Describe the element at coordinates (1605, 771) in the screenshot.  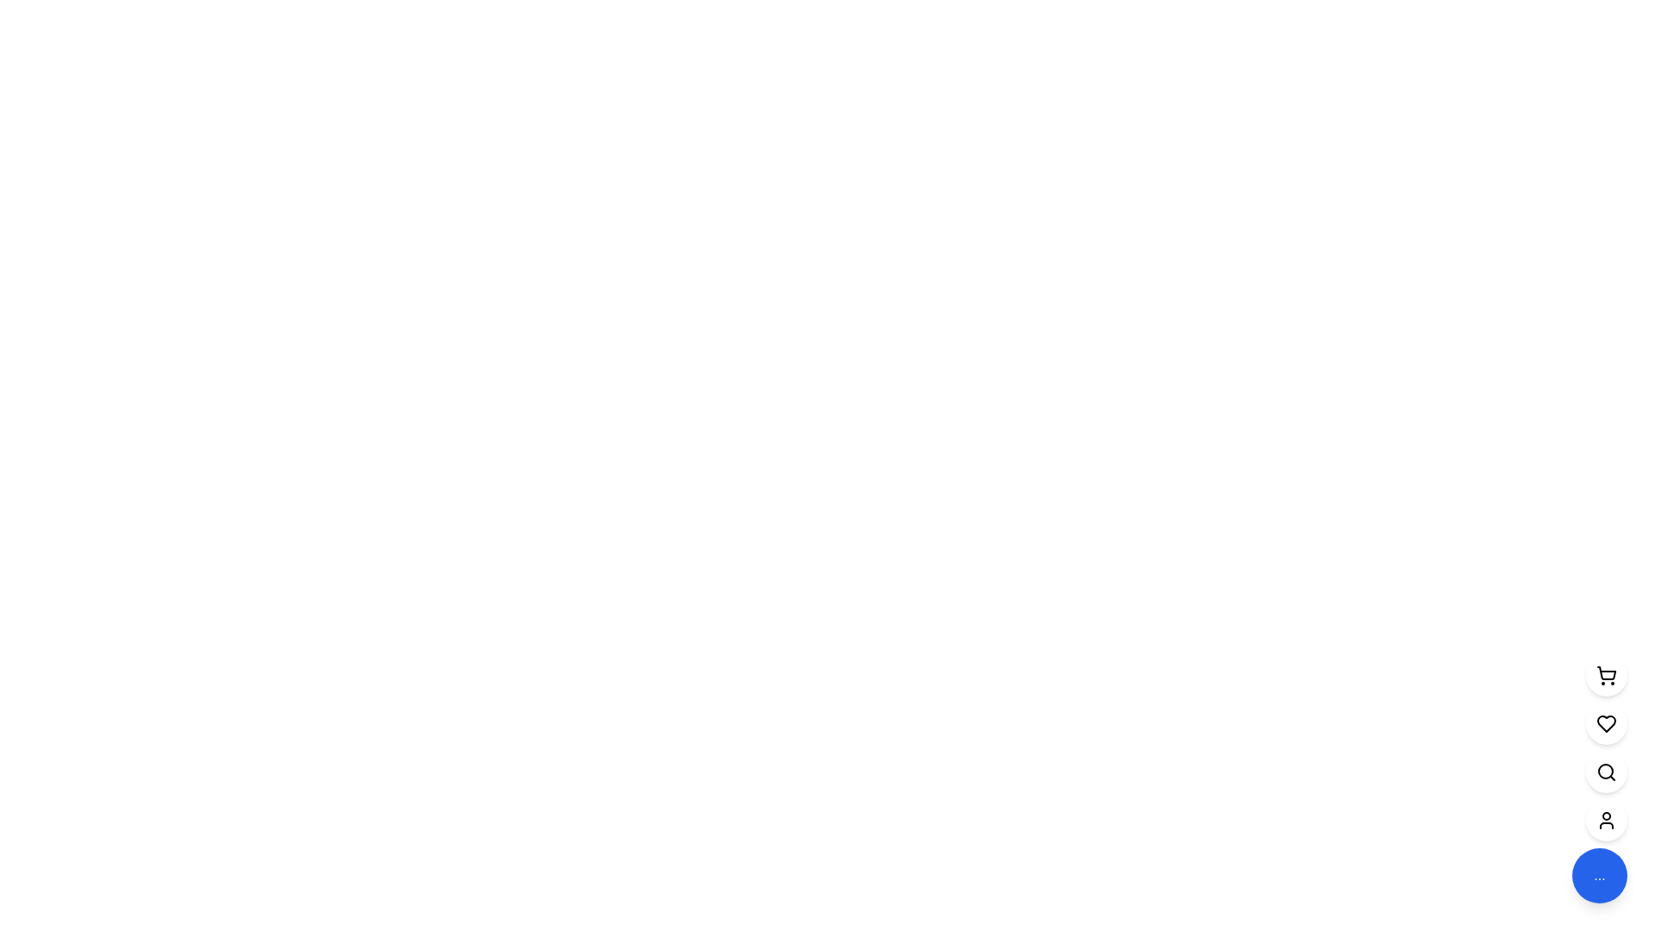
I see `the search icon located in the vertical toolbar near the right edge of the interface to initiate a search` at that location.